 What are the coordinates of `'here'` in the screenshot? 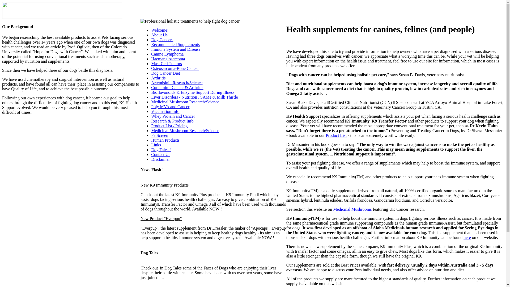 It's located at (467, 237).